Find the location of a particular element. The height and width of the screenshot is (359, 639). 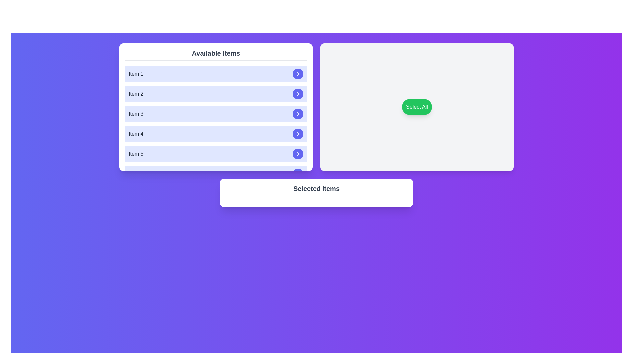

the small chevron icon pointing to the right, which is part of a blue circular button aligned to the right side of the second row labeled 'Available Items' is located at coordinates (297, 94).